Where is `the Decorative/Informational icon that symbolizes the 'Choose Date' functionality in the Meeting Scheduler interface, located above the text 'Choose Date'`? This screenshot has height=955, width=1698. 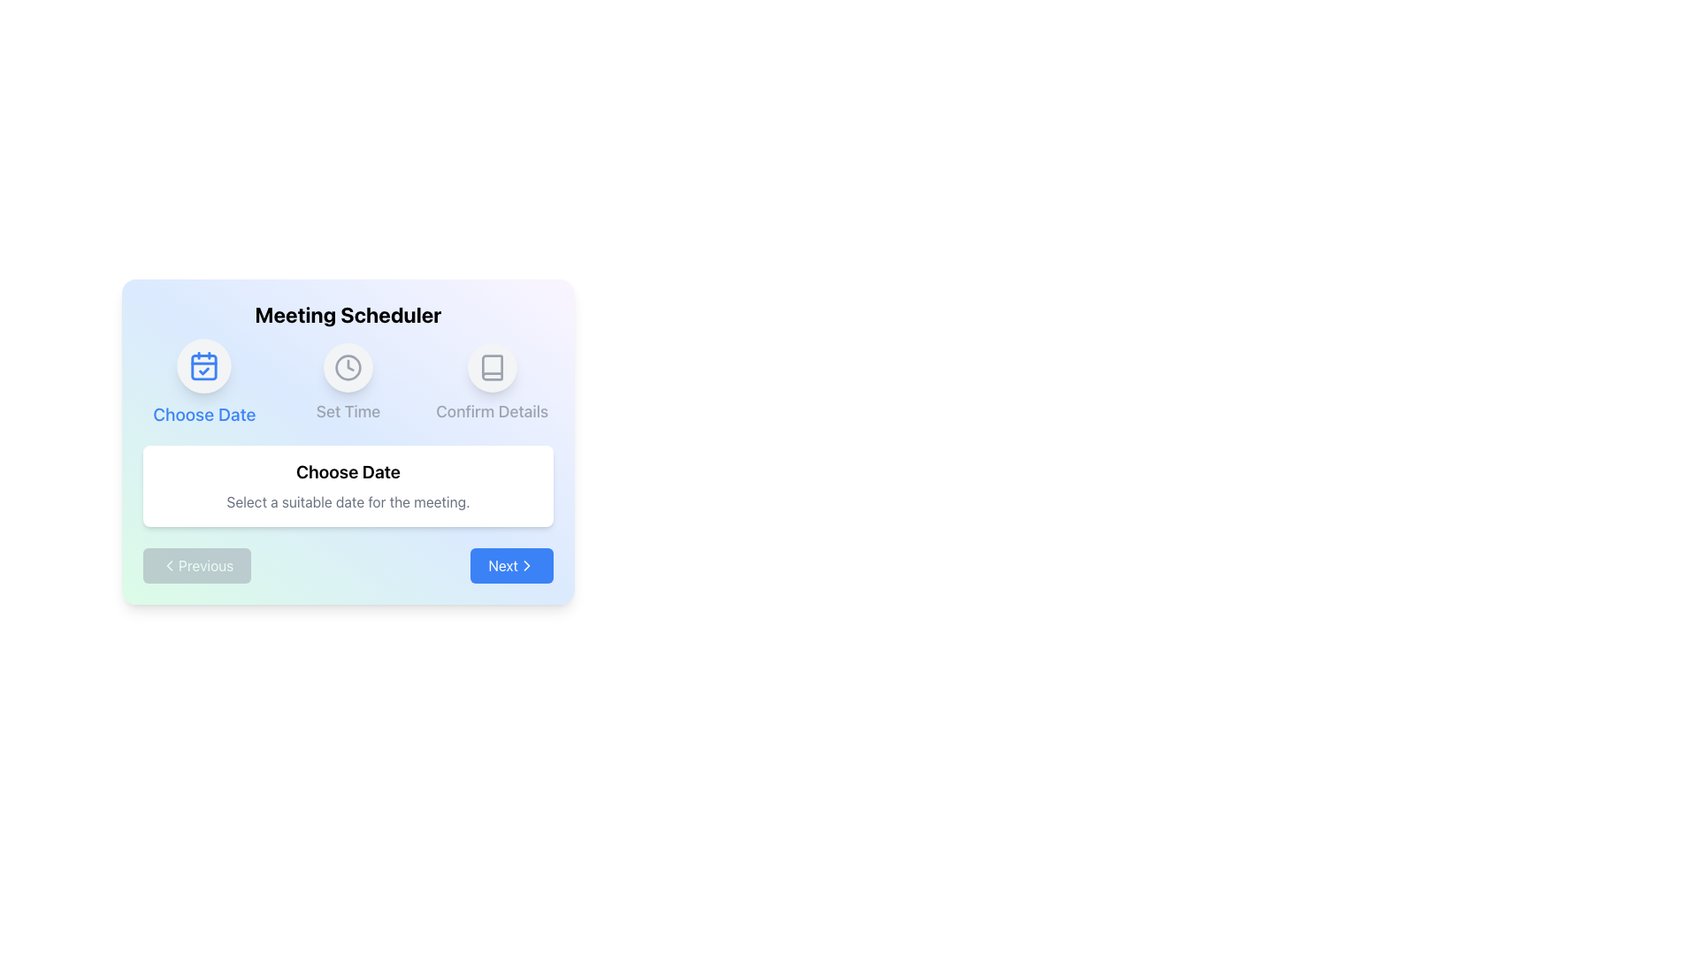 the Decorative/Informational icon that symbolizes the 'Choose Date' functionality in the Meeting Scheduler interface, located above the text 'Choose Date' is located at coordinates (204, 365).